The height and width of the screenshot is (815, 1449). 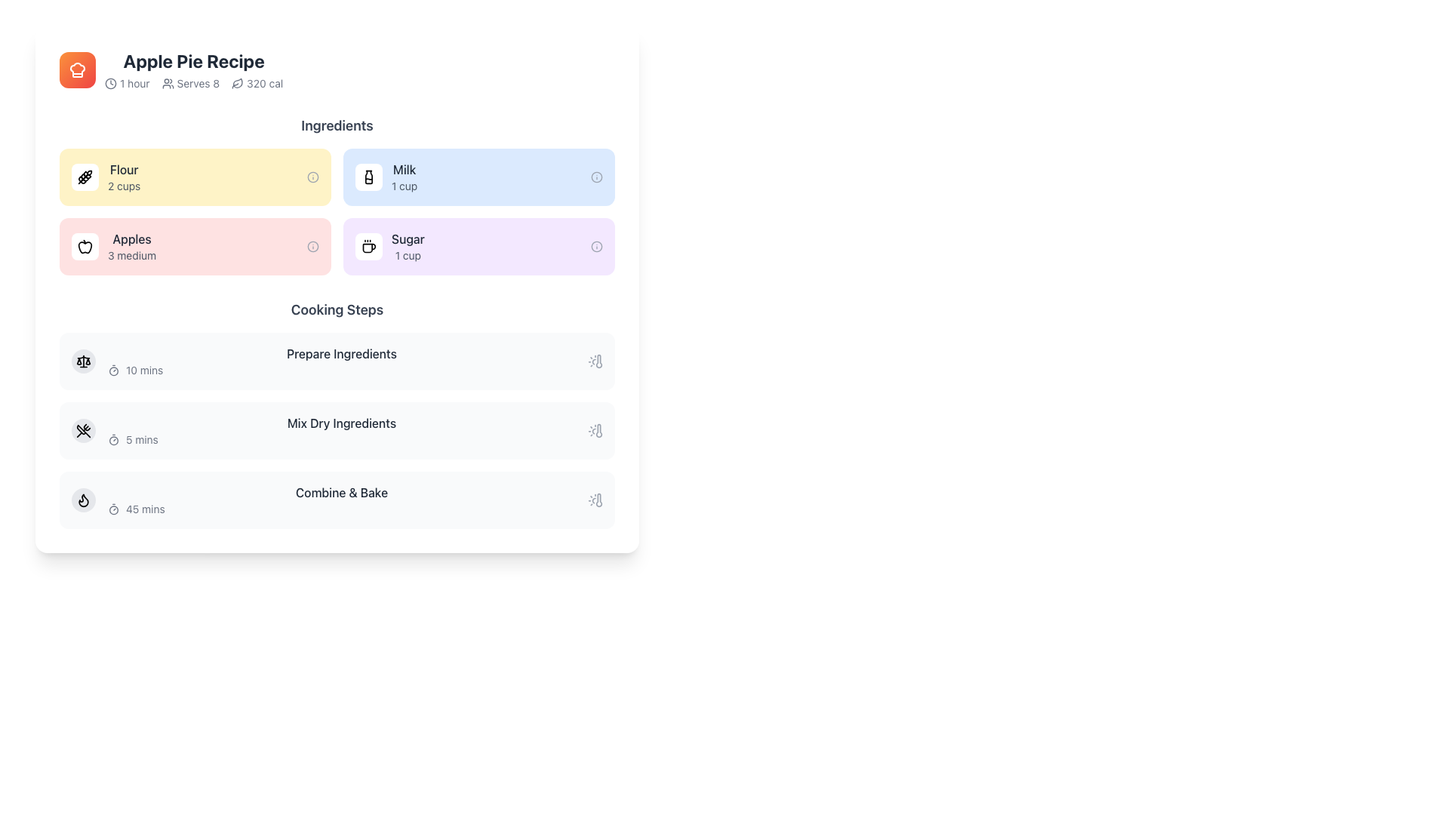 What do you see at coordinates (340, 500) in the screenshot?
I see `the 'Combine & Bake' text label located within the cooking step list to focus it or see details` at bounding box center [340, 500].